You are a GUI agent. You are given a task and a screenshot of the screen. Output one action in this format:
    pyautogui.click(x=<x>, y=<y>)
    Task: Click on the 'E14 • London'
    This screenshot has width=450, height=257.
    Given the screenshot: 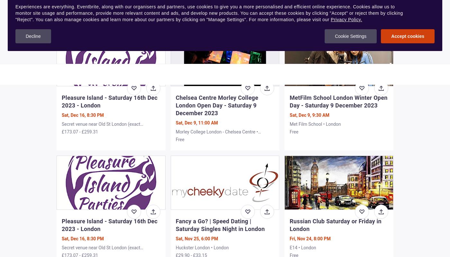 What is the action you would take?
    pyautogui.click(x=303, y=247)
    